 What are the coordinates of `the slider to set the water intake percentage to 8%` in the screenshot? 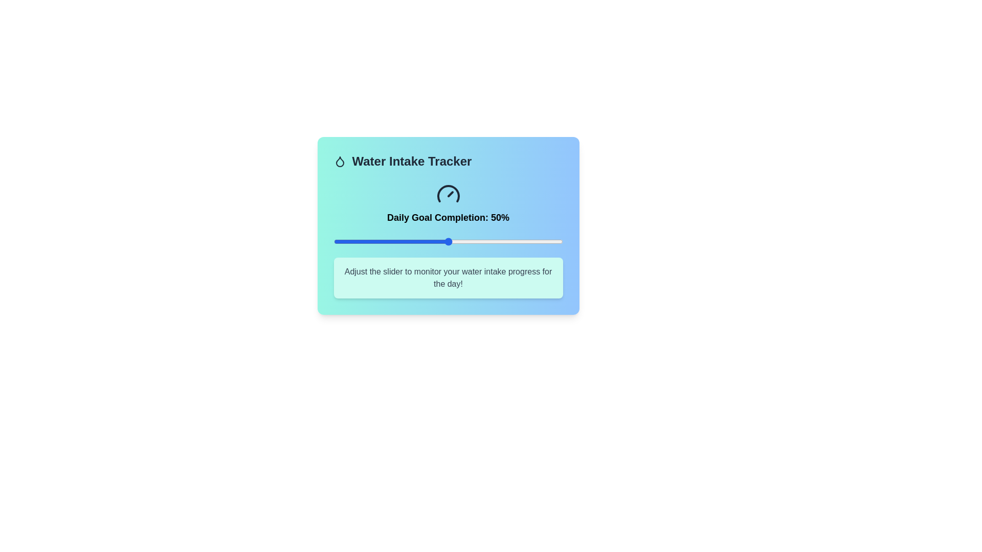 It's located at (352, 242).